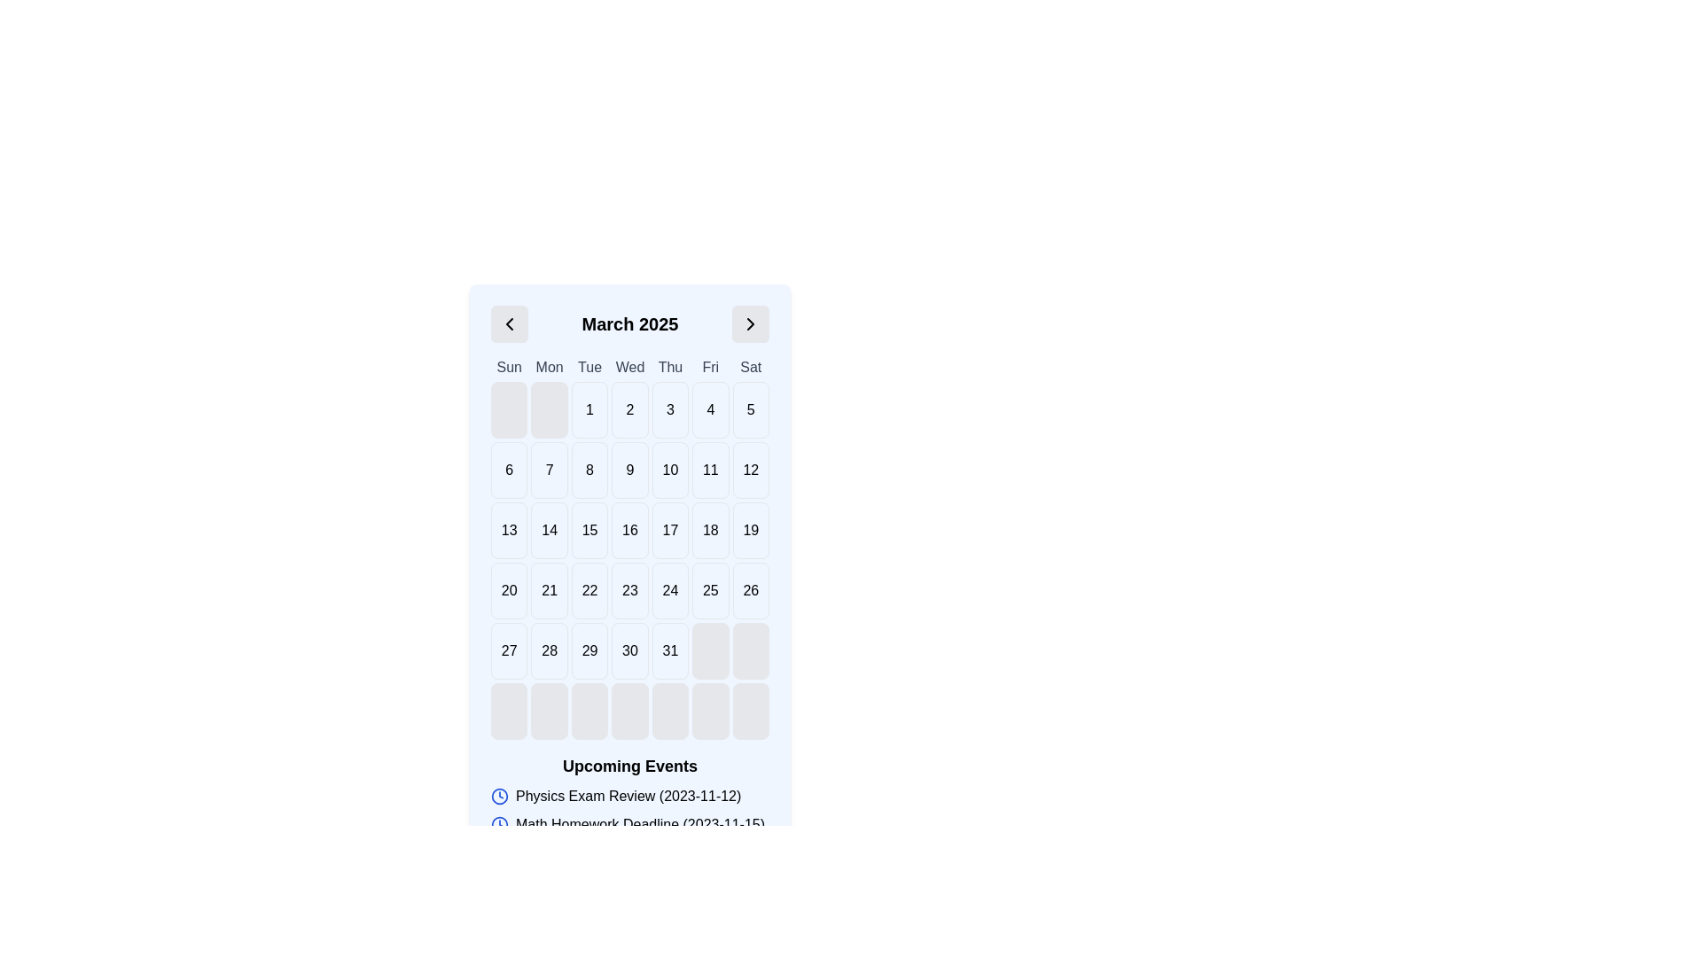  What do you see at coordinates (548, 651) in the screenshot?
I see `the Date cell displaying '28'` at bounding box center [548, 651].